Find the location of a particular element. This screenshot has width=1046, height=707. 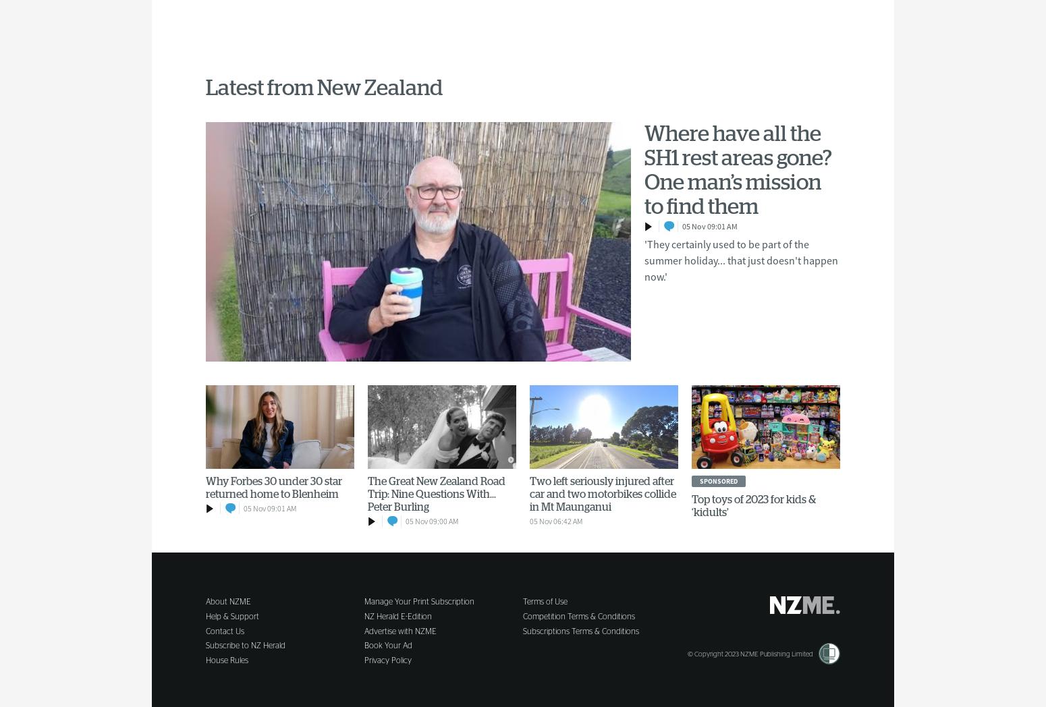

'Subscriptions Terms & Conditions' is located at coordinates (581, 631).